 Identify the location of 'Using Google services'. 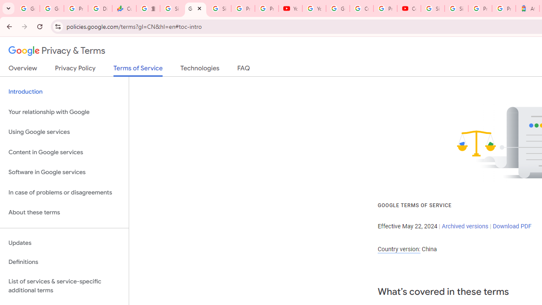
(64, 132).